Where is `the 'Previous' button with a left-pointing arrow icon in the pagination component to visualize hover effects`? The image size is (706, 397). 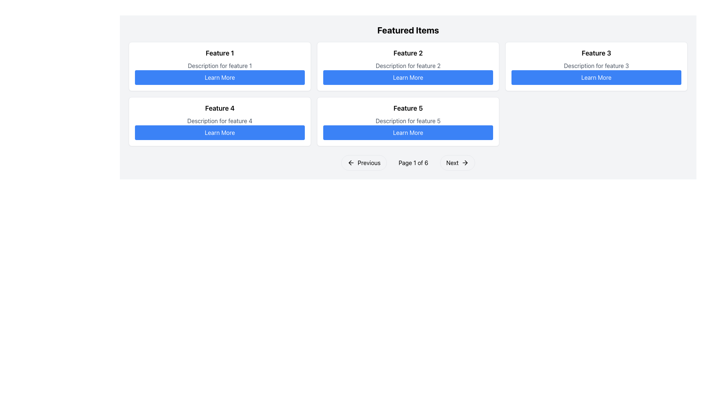 the 'Previous' button with a left-pointing arrow icon in the pagination component to visualize hover effects is located at coordinates (364, 162).